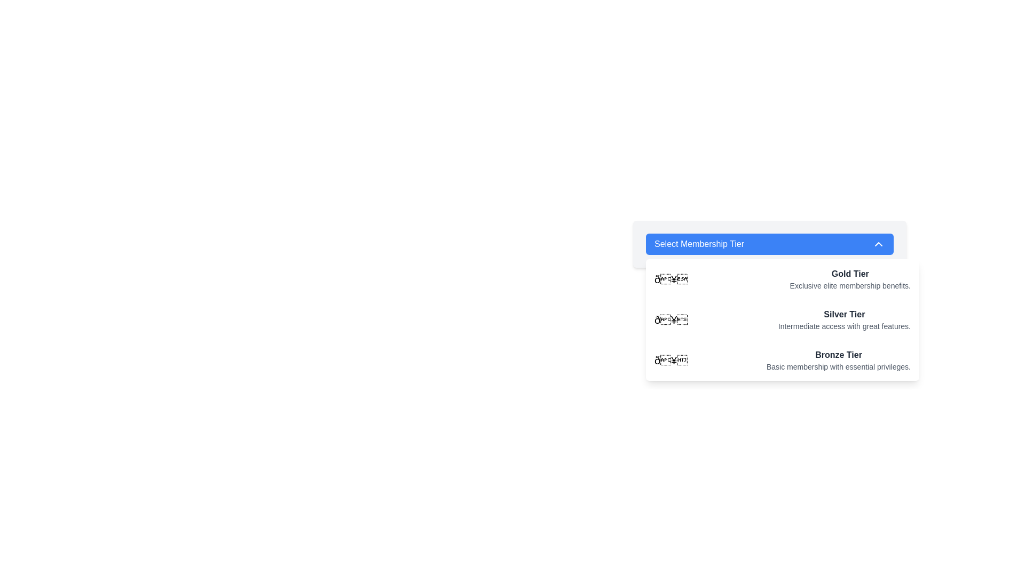 This screenshot has height=576, width=1025. Describe the element at coordinates (843, 314) in the screenshot. I see `bold text 'Silver Tier' located centrally within the membership options dropdown menu, positioned between 'Gold Tier' and 'Bronze Tier'` at that location.